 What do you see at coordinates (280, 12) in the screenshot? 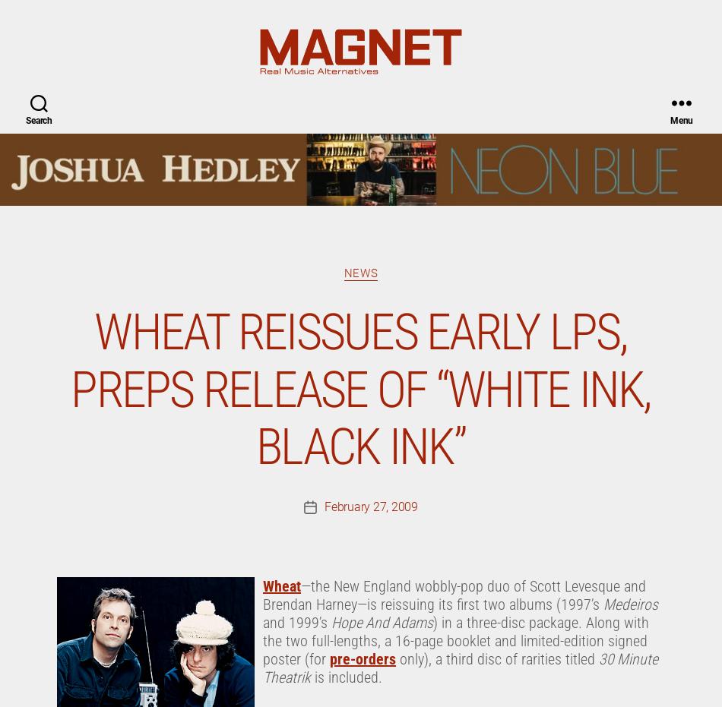
I see `'Wheat'` at bounding box center [280, 12].